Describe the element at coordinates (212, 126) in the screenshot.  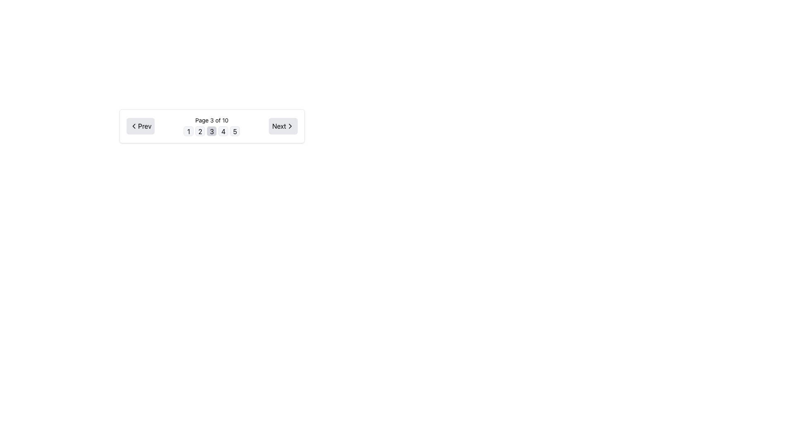
I see `the highlighted number 3 in the Pagination Control` at that location.